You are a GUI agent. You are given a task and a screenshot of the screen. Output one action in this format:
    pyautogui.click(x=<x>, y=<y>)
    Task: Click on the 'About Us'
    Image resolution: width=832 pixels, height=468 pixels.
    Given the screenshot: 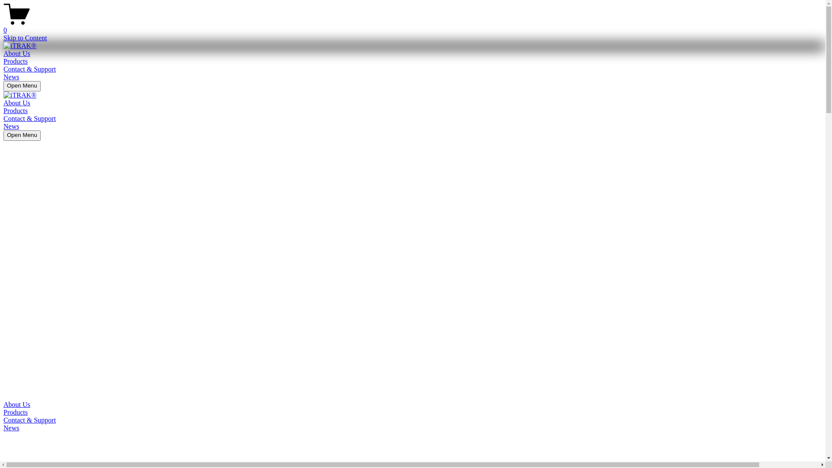 What is the action you would take?
    pyautogui.click(x=16, y=53)
    